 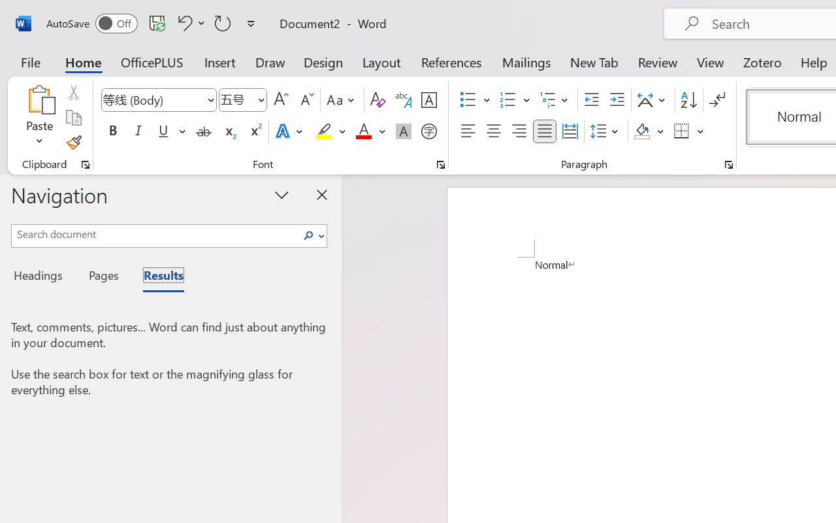 I want to click on 'Italic', so click(x=138, y=131).